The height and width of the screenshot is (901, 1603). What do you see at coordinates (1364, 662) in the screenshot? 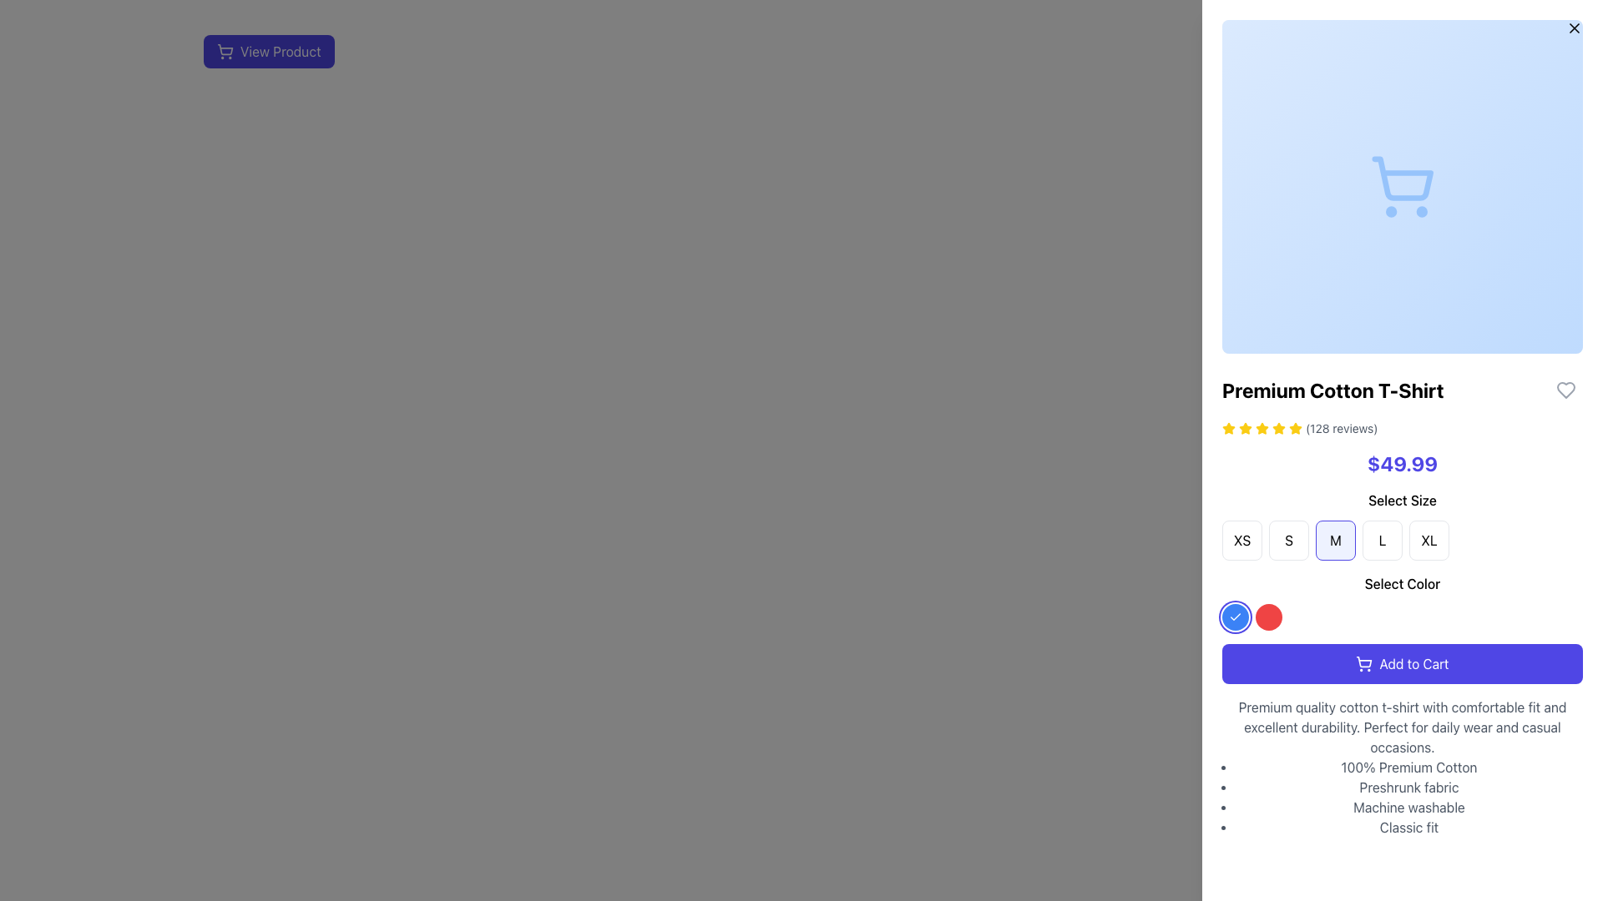
I see `the cart icon located to the left of the 'Add to Cart' button` at bounding box center [1364, 662].